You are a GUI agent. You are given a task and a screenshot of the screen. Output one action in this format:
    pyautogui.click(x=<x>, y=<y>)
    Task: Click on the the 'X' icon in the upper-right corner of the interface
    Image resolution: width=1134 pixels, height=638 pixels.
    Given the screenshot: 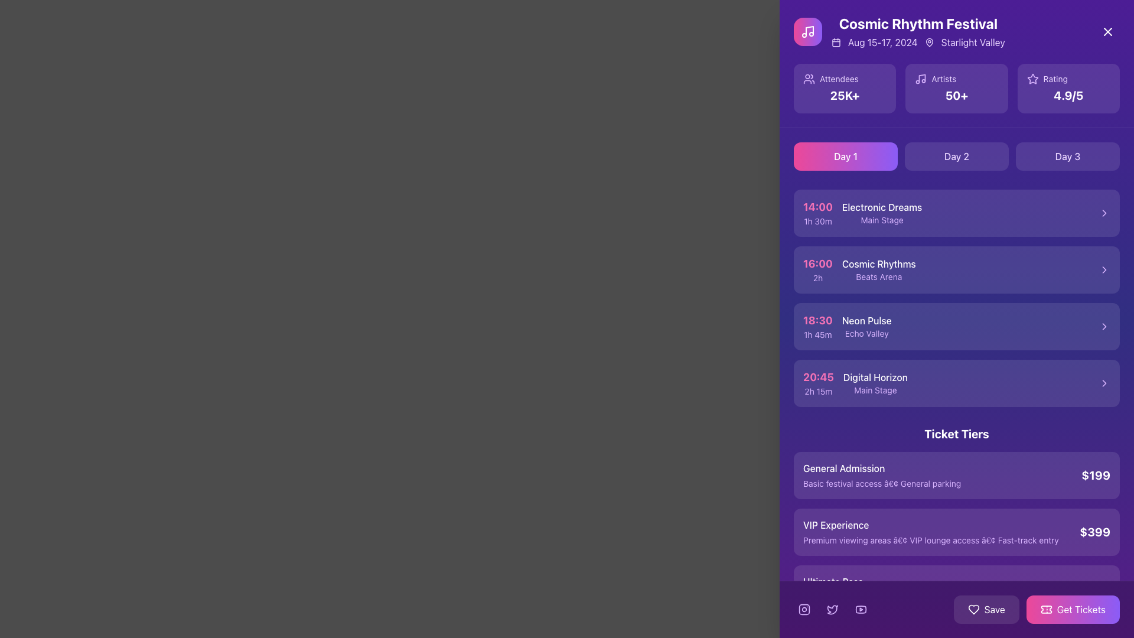 What is the action you would take?
    pyautogui.click(x=1107, y=31)
    